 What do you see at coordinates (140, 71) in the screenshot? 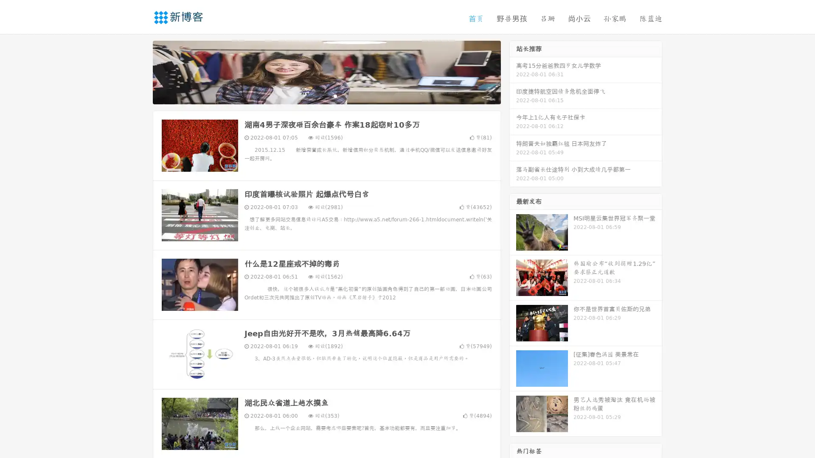
I see `Previous slide` at bounding box center [140, 71].